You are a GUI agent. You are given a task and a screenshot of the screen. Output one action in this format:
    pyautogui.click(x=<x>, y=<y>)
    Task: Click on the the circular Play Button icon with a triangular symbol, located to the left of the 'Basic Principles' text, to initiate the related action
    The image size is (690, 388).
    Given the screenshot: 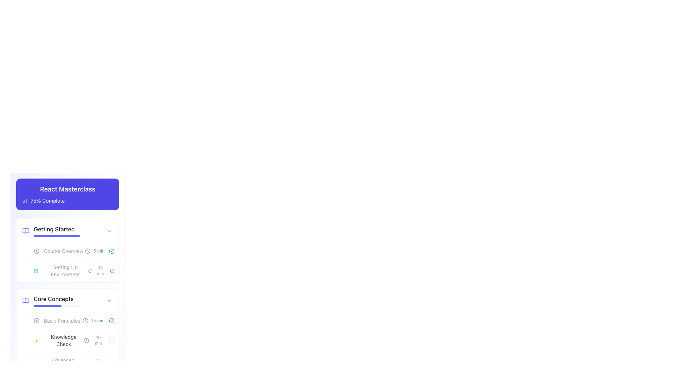 What is the action you would take?
    pyautogui.click(x=36, y=320)
    